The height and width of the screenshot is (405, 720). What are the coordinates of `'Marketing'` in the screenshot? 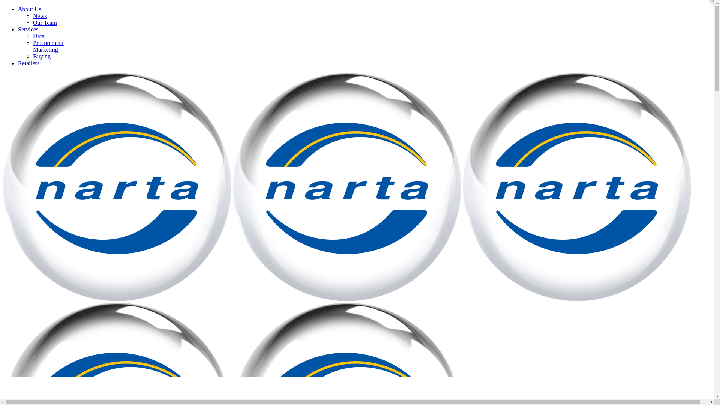 It's located at (45, 49).